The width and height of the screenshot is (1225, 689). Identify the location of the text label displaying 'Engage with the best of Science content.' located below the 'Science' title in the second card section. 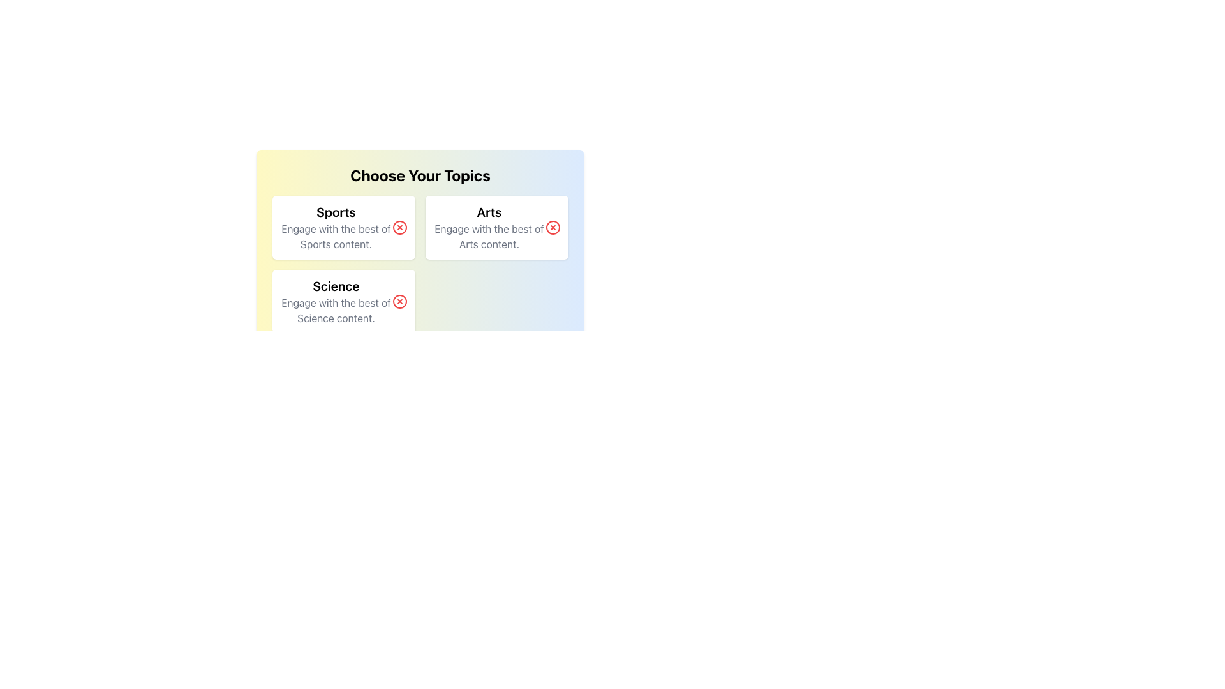
(336, 310).